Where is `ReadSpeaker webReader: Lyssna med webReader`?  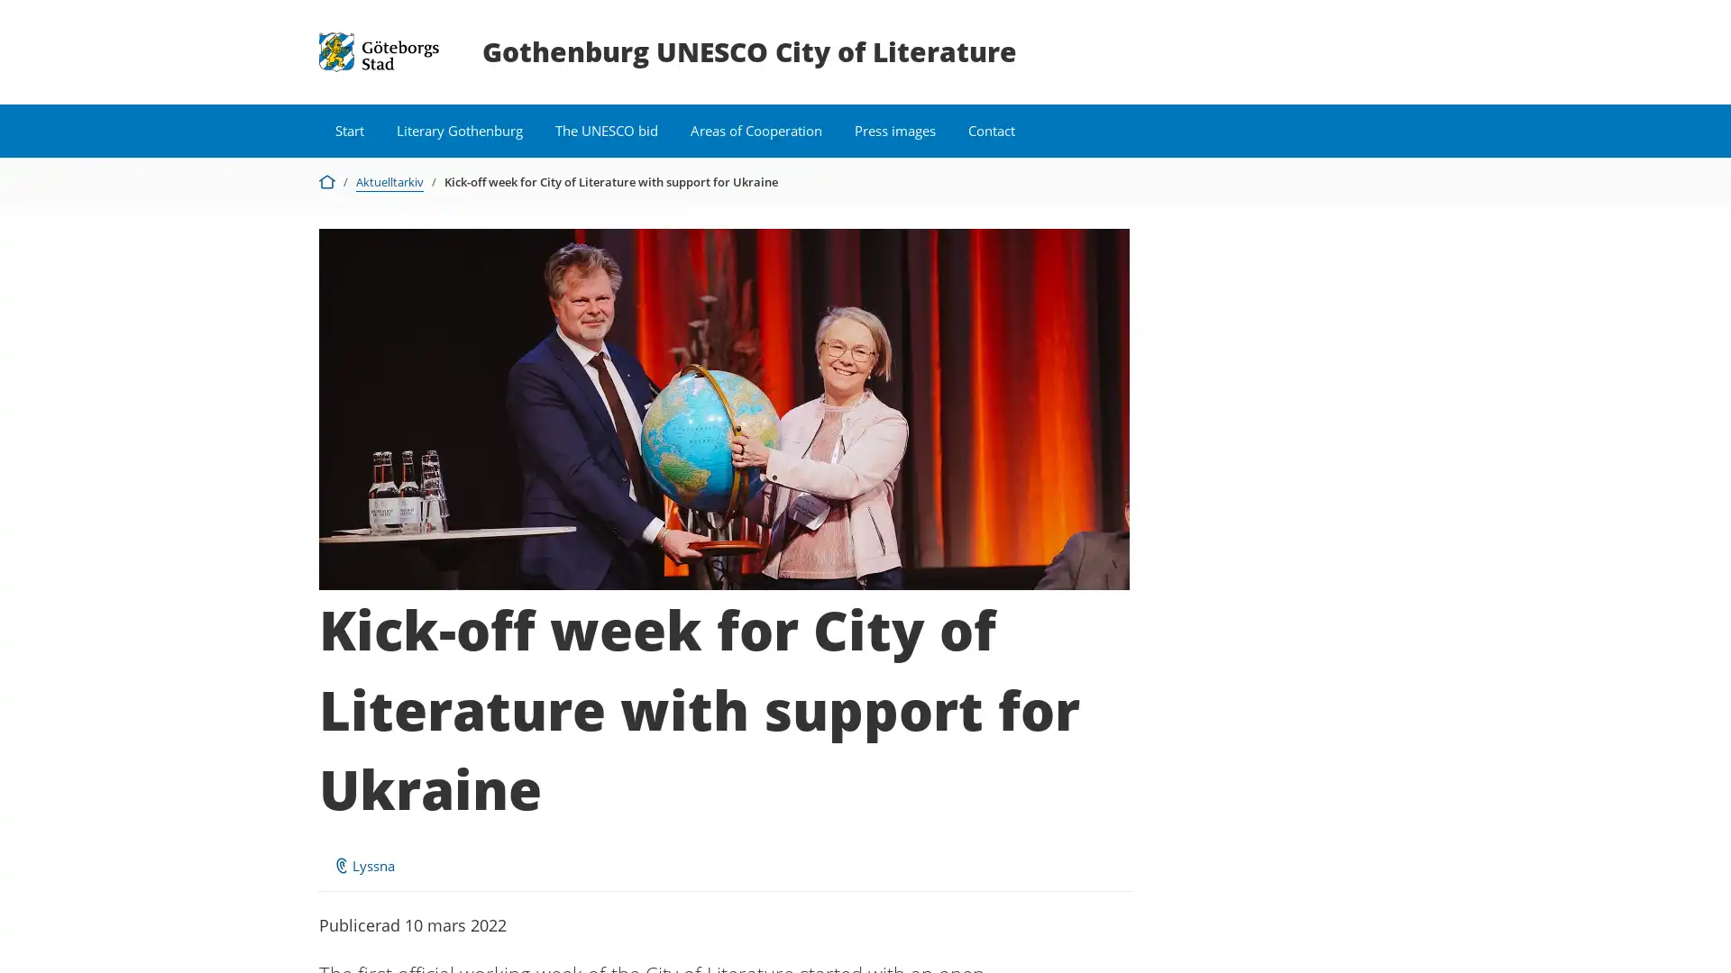
ReadSpeaker webReader: Lyssna med webReader is located at coordinates (362, 864).